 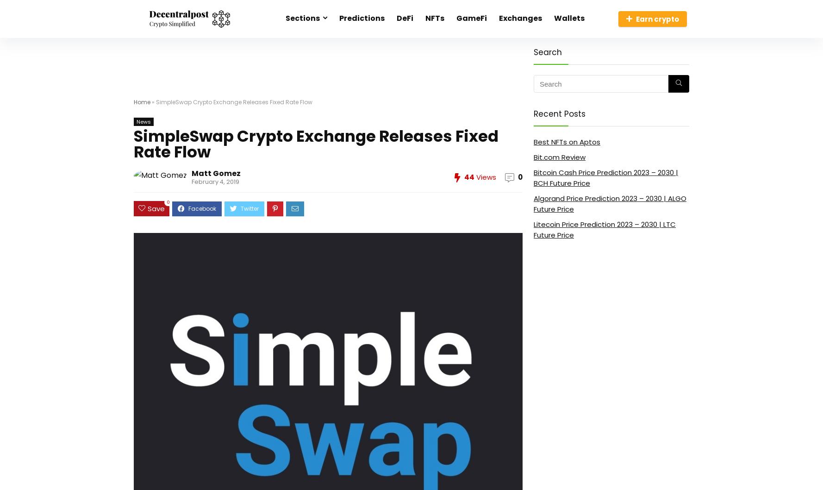 What do you see at coordinates (435, 18) in the screenshot?
I see `'NFTs'` at bounding box center [435, 18].